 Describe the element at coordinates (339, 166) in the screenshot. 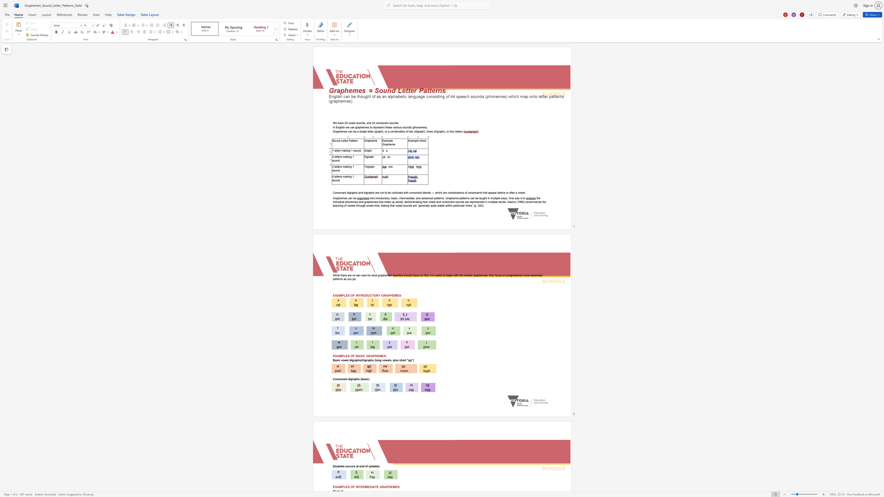

I see `the space between the continuous character "e" and "r" in the text` at that location.